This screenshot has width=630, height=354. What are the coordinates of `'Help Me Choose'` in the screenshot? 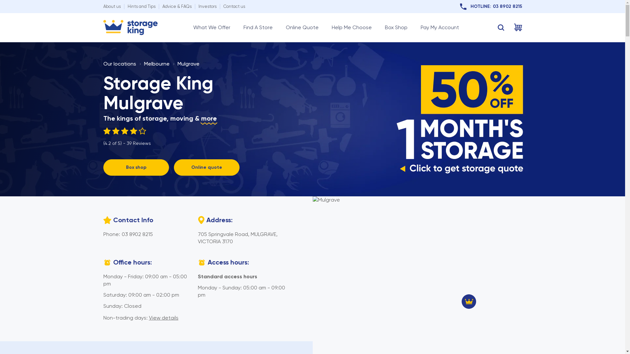 It's located at (351, 27).